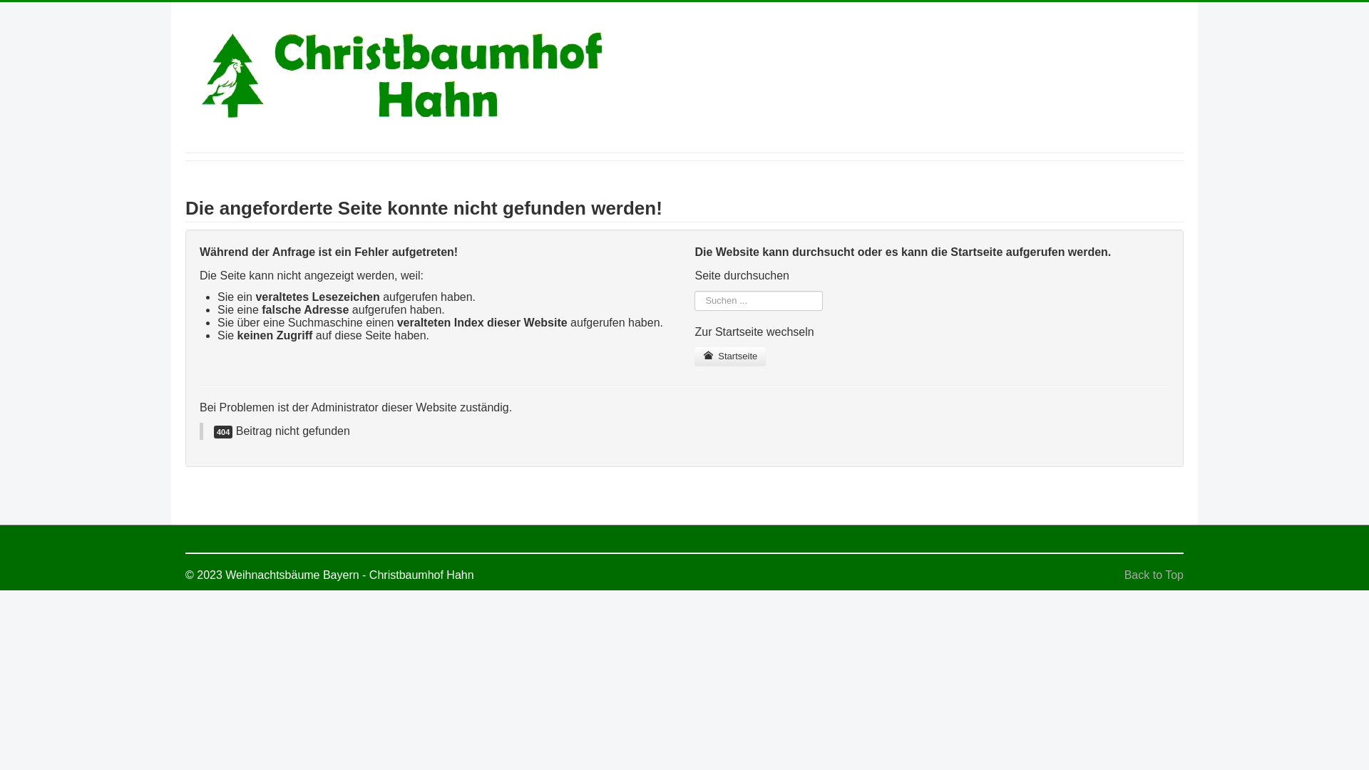  Describe the element at coordinates (1124, 574) in the screenshot. I see `'Back to Top'` at that location.